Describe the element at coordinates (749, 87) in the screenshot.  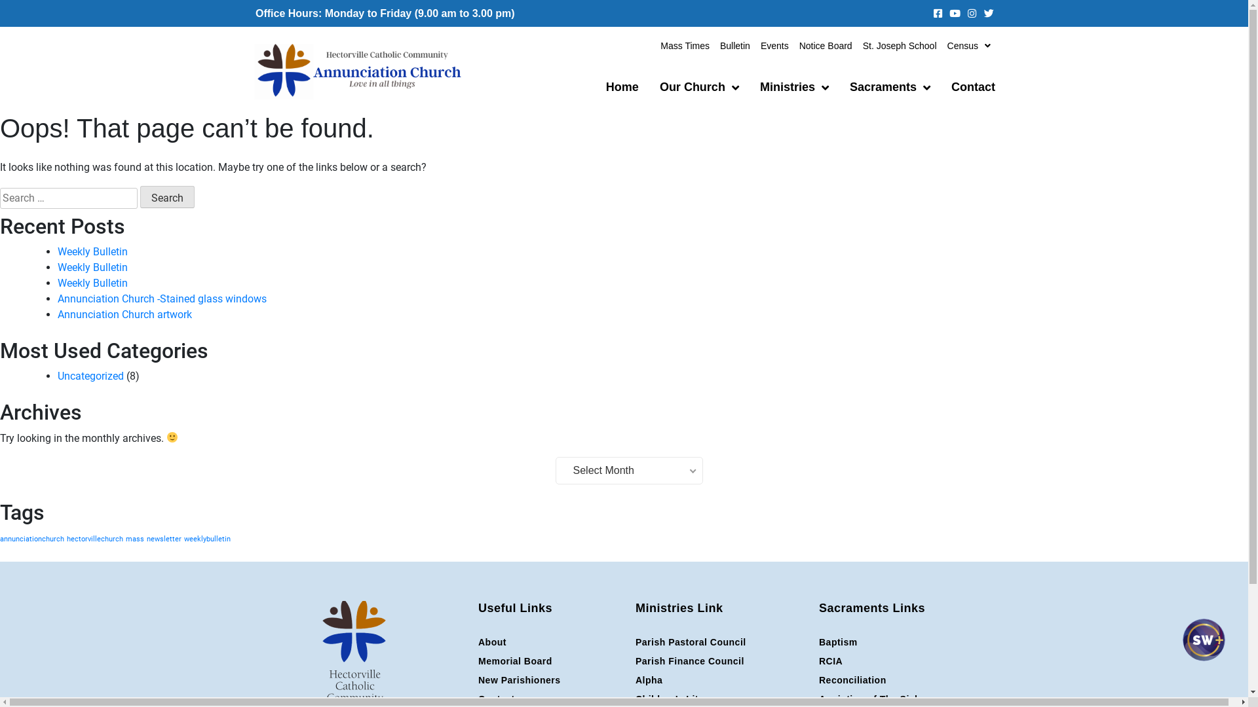
I see `'Ministries'` at that location.